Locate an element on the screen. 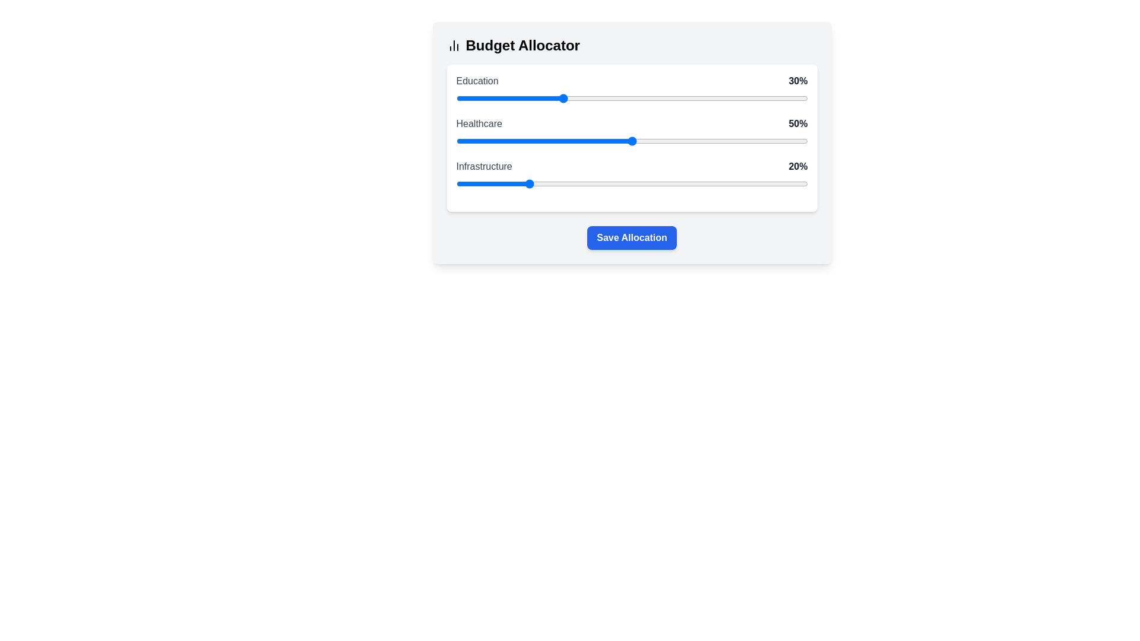 The image size is (1140, 641). the healthcare allocation slider is located at coordinates (712, 141).